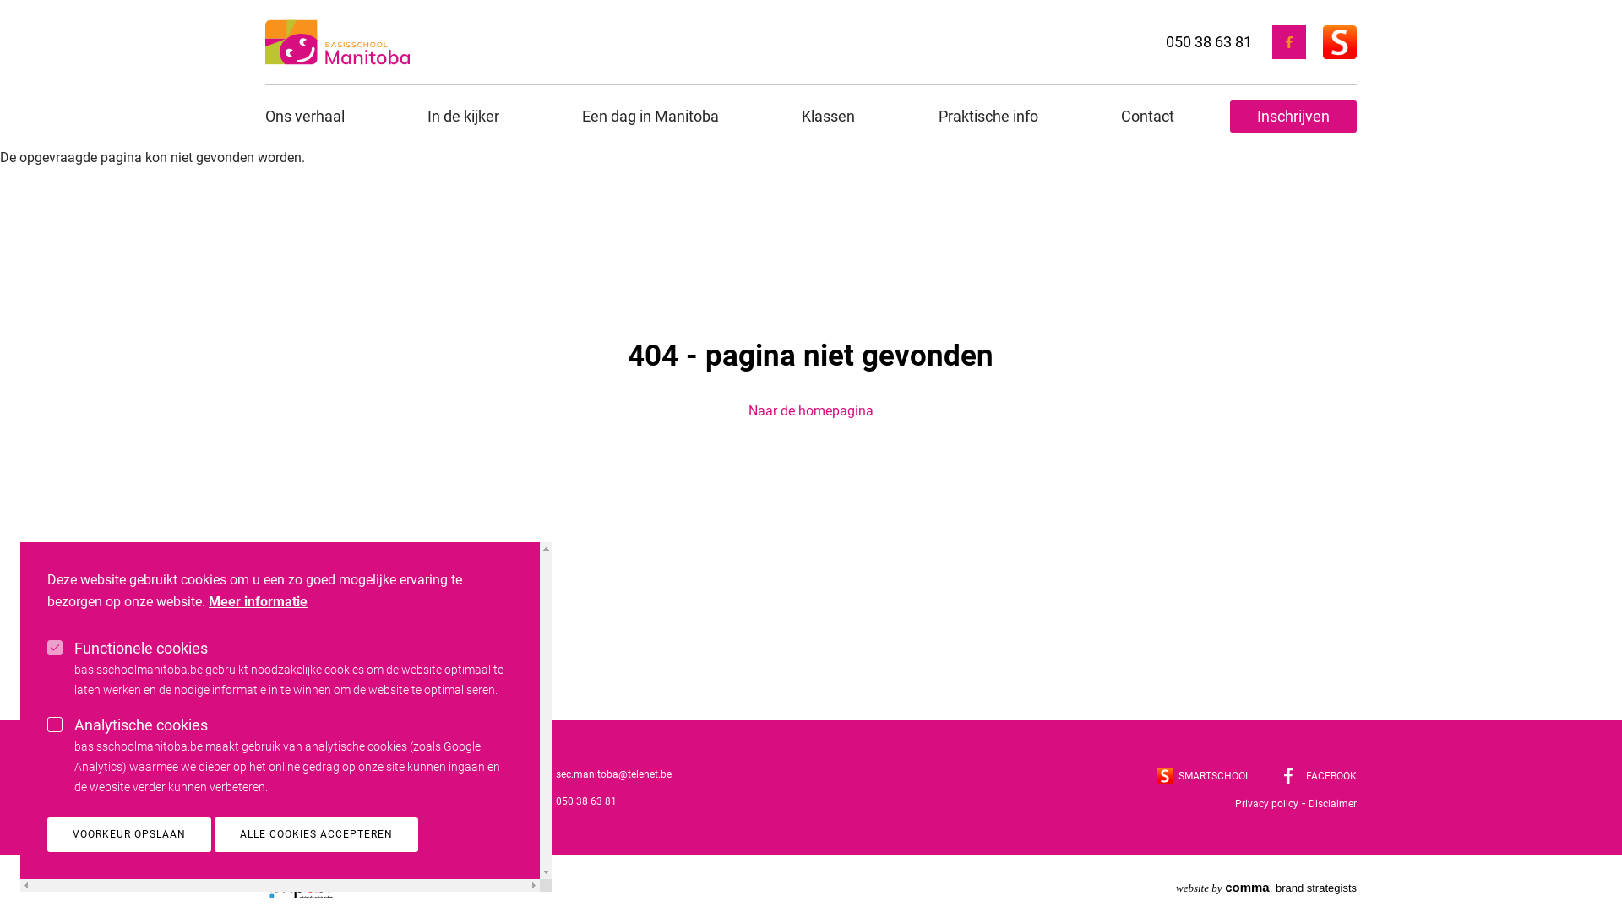 This screenshot has width=1622, height=912. Describe the element at coordinates (47, 833) in the screenshot. I see `'VOORKEUR OPSLAAN'` at that location.